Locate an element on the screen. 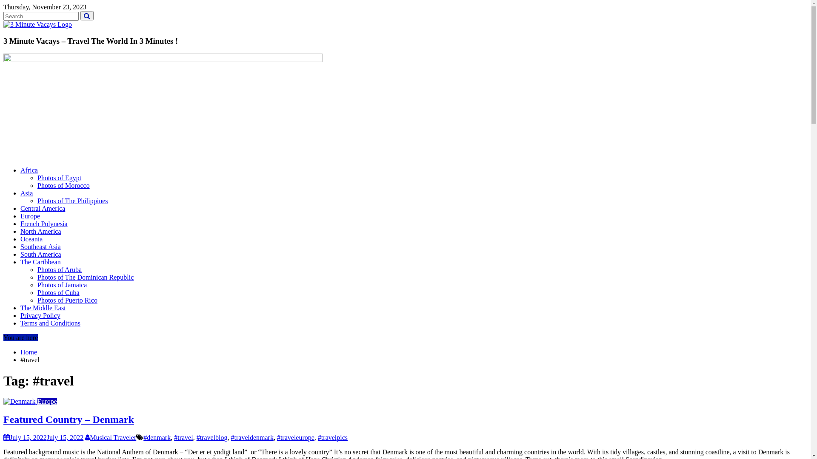 Image resolution: width=817 pixels, height=459 pixels. 'Skip to content' is located at coordinates (3, 3).